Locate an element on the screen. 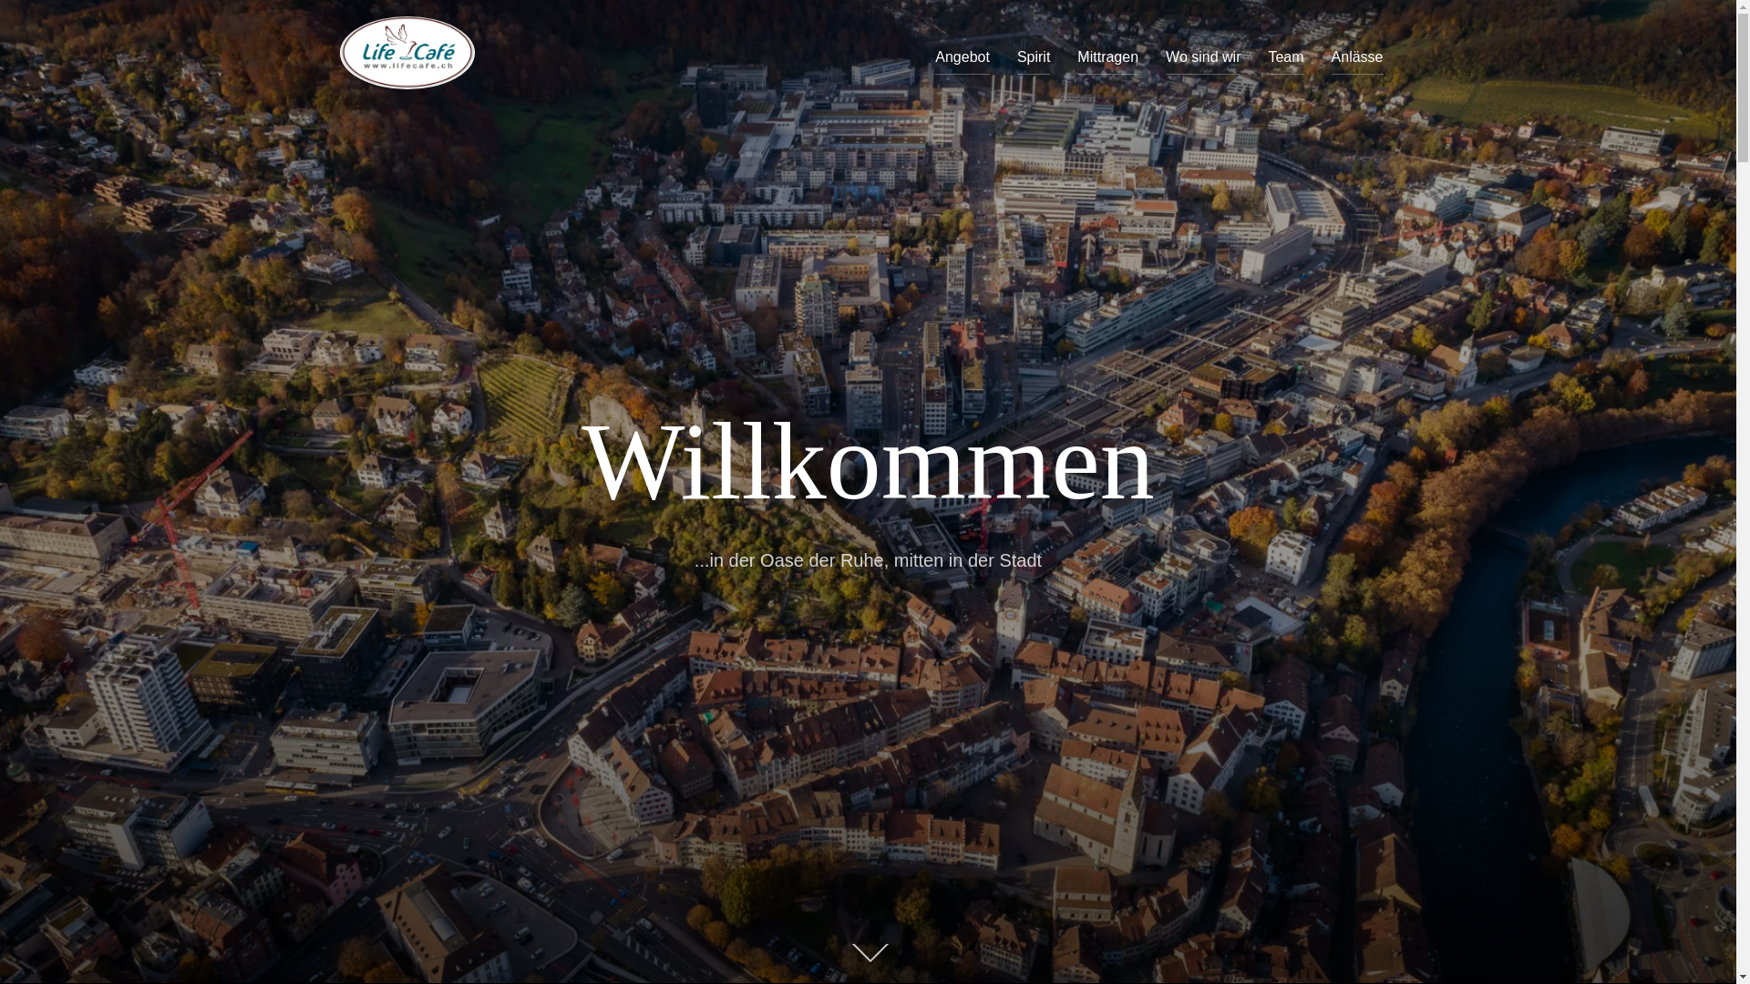  'Team' is located at coordinates (1284, 56).